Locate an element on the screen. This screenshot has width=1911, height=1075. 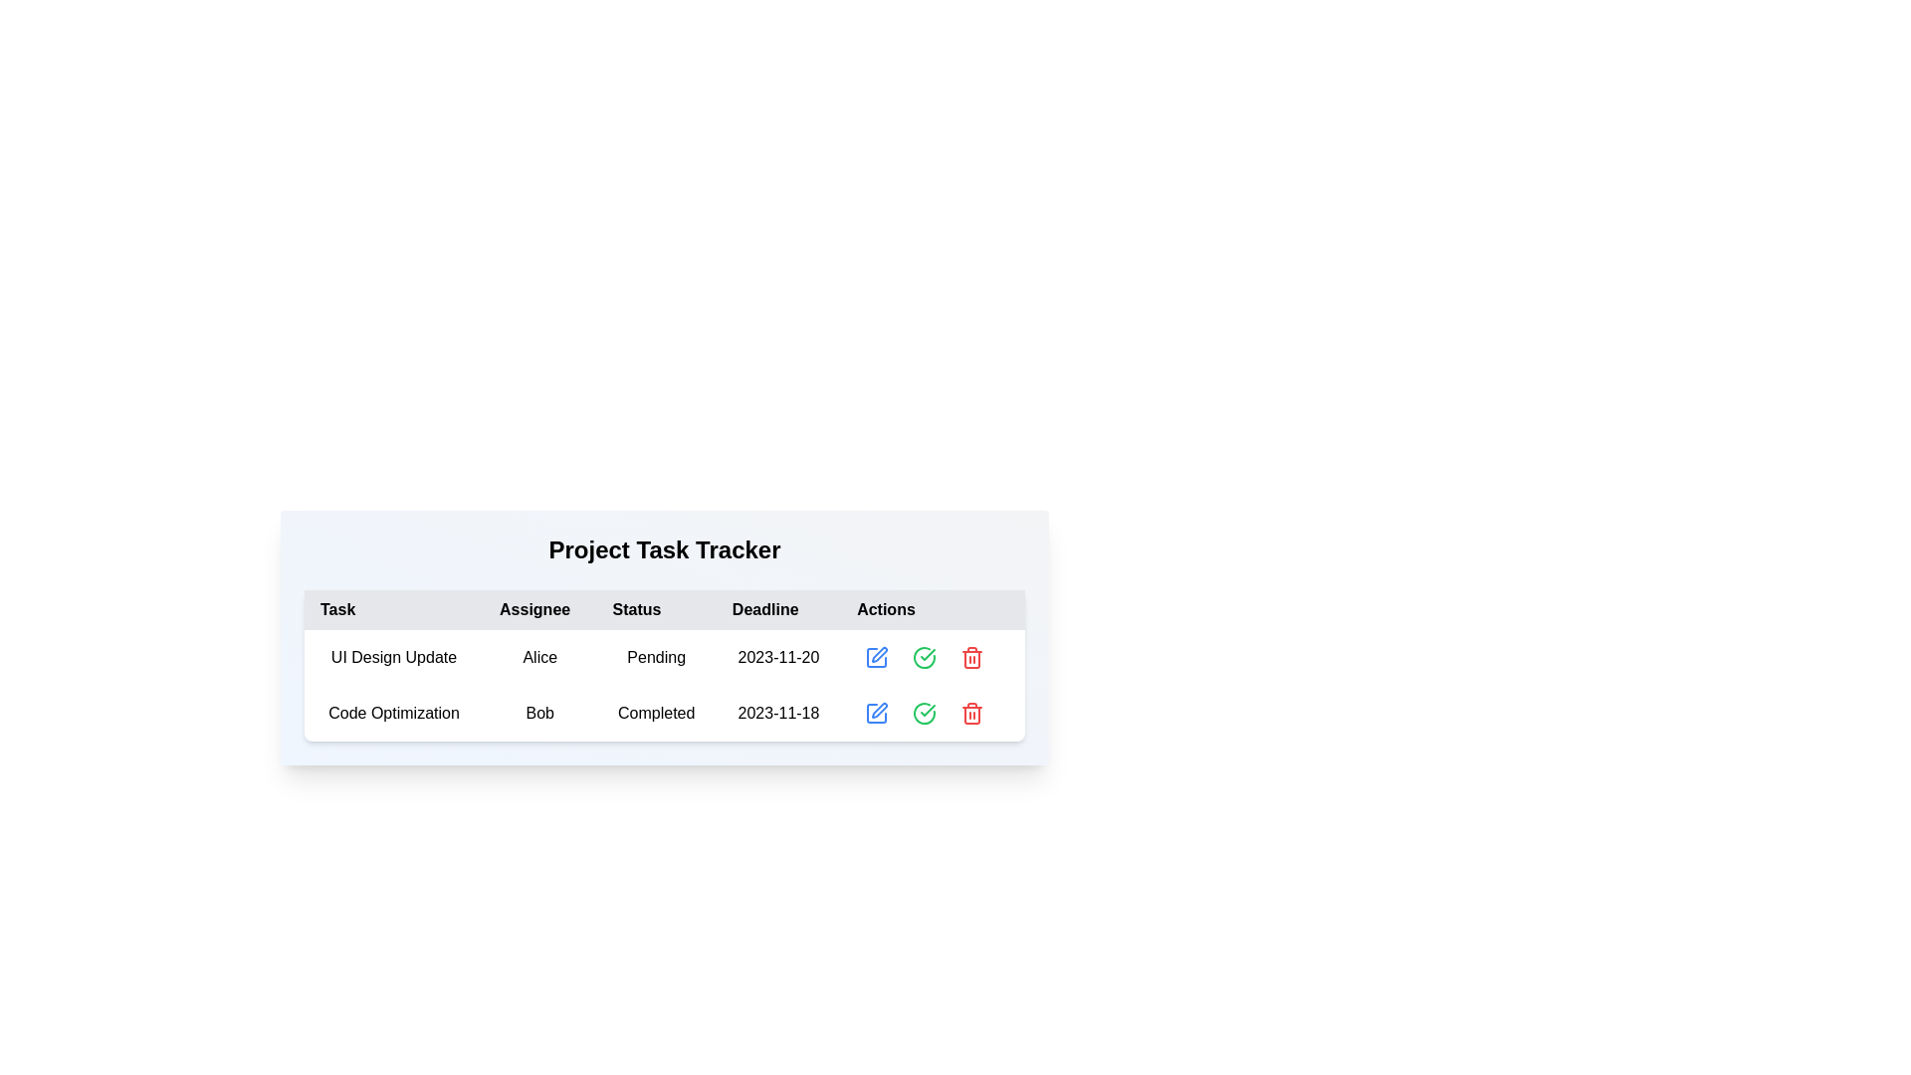
text displayed in the Text Label that shows the deadline date '2023-11-20', located in the 'Deadline' column of the Project Task Tracker table is located at coordinates (777, 657).